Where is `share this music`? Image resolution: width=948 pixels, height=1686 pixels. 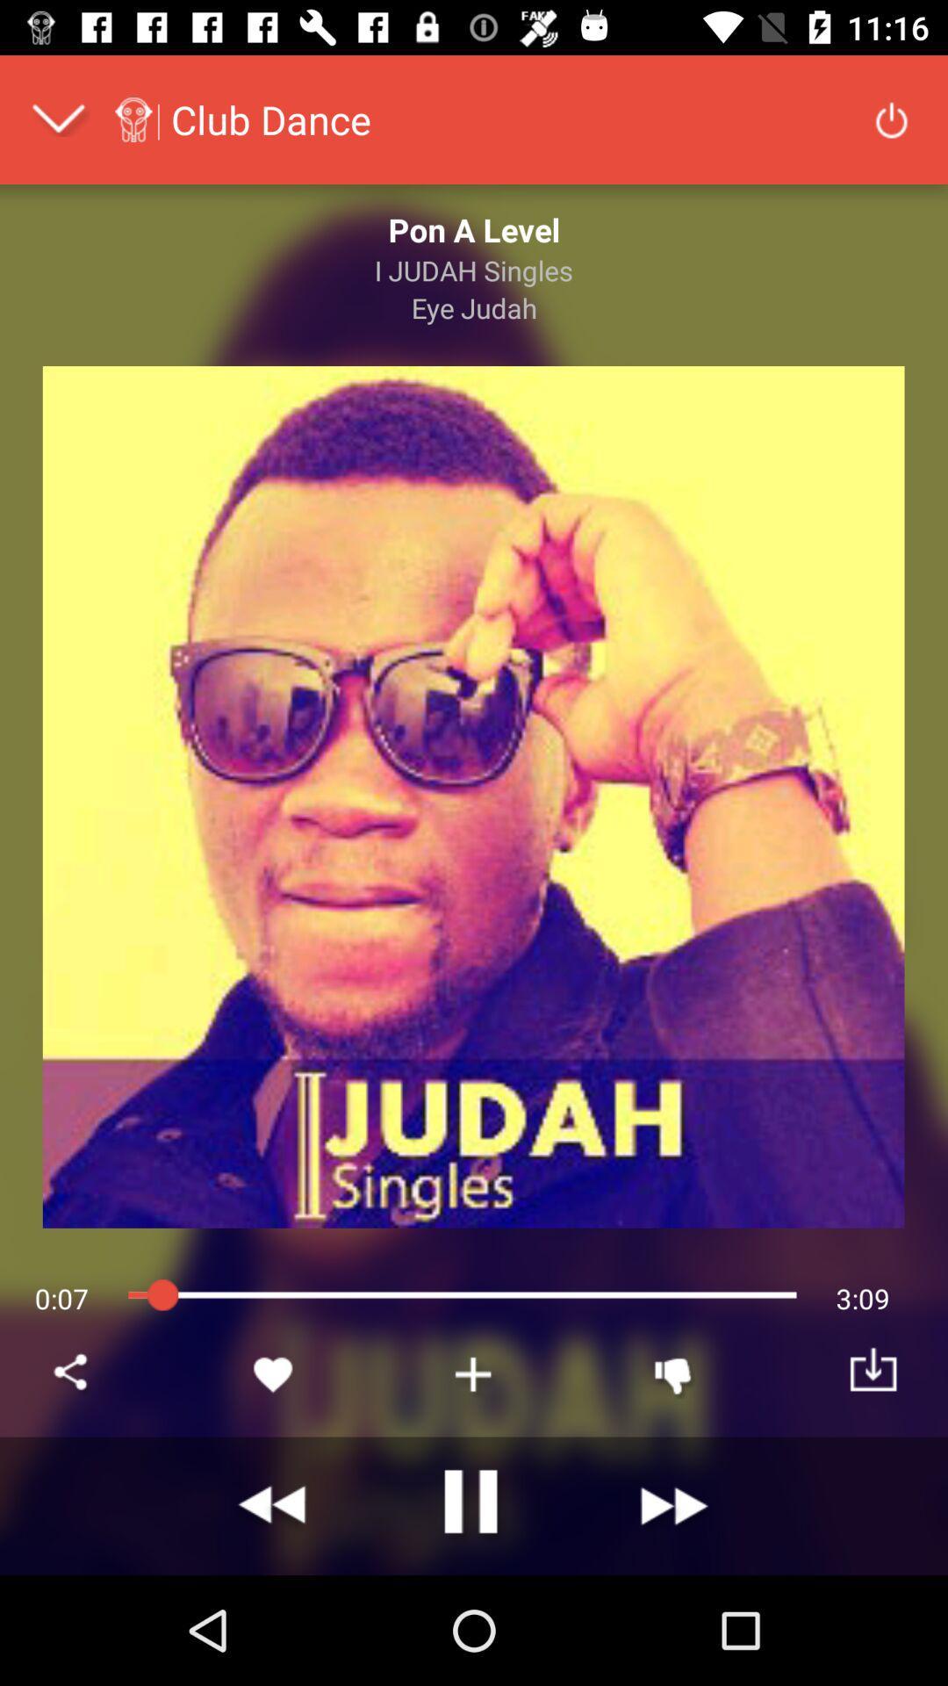 share this music is located at coordinates (73, 1373).